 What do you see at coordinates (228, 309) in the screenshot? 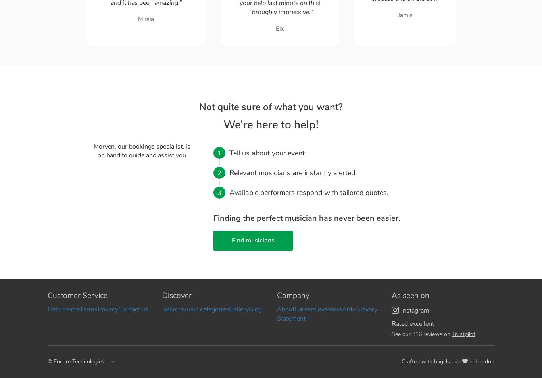
I see `'Gallery'` at bounding box center [228, 309].